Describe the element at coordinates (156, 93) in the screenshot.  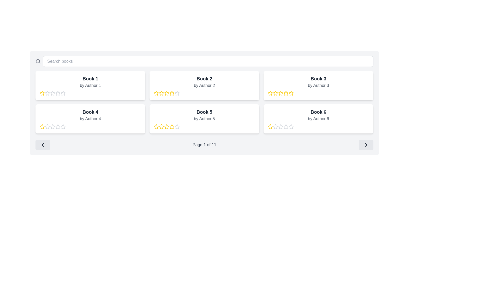
I see `the third yellow, outlined star icon in the rating section of the card for 'Book 2' by 'Author 2' to rate it` at that location.